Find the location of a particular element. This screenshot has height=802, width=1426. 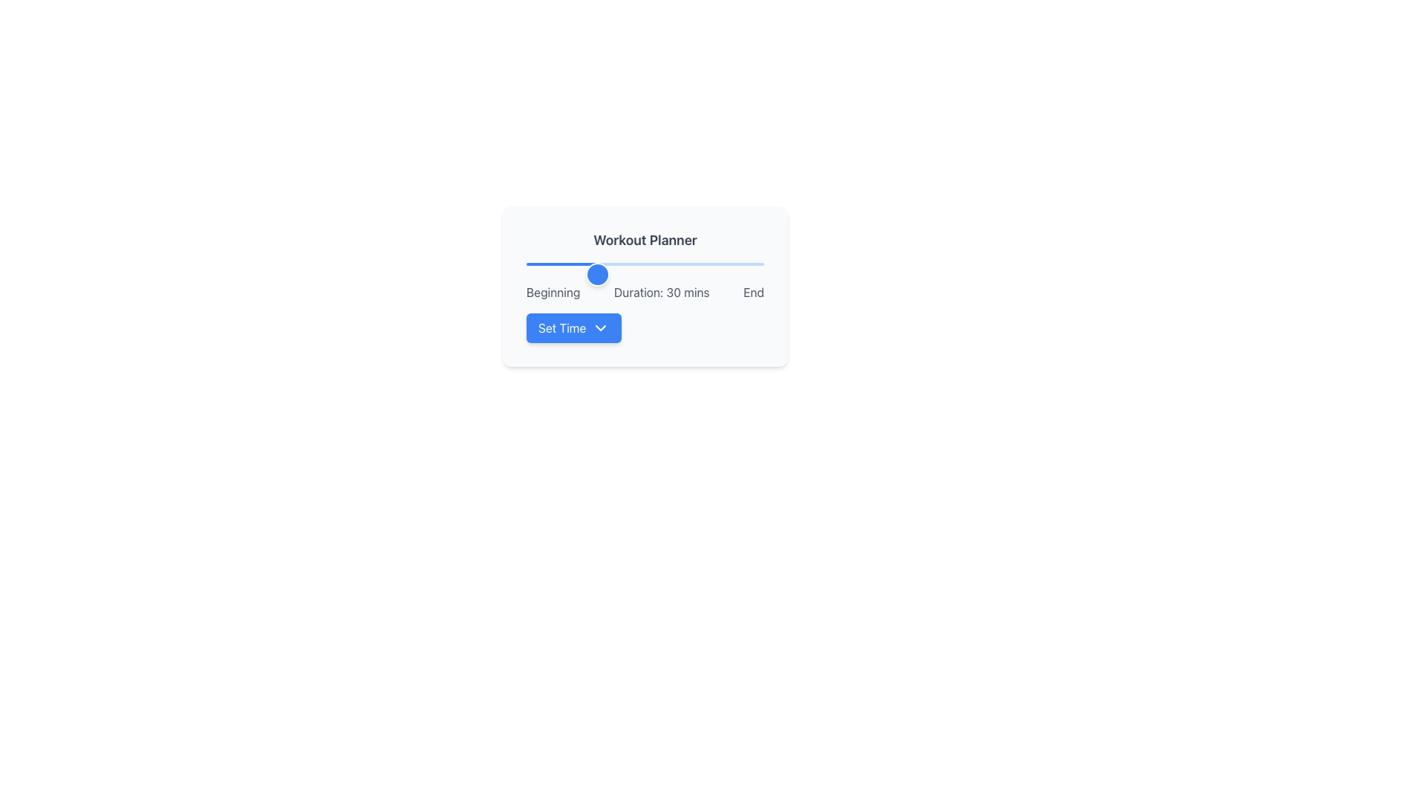

the slider is located at coordinates (638, 262).